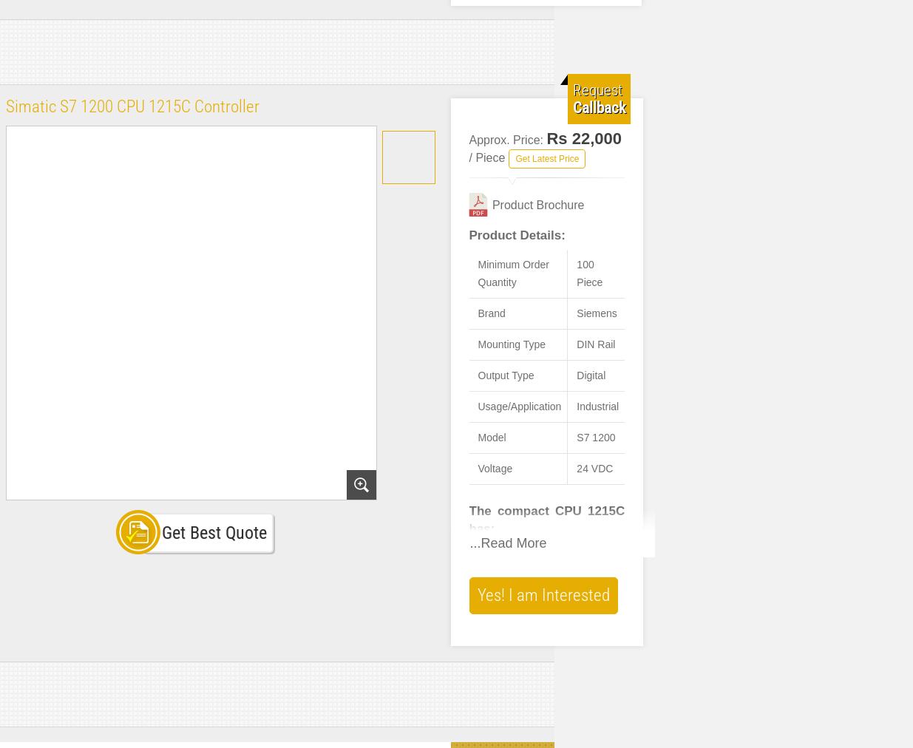  Describe the element at coordinates (517, 234) in the screenshot. I see `'Product Details:'` at that location.